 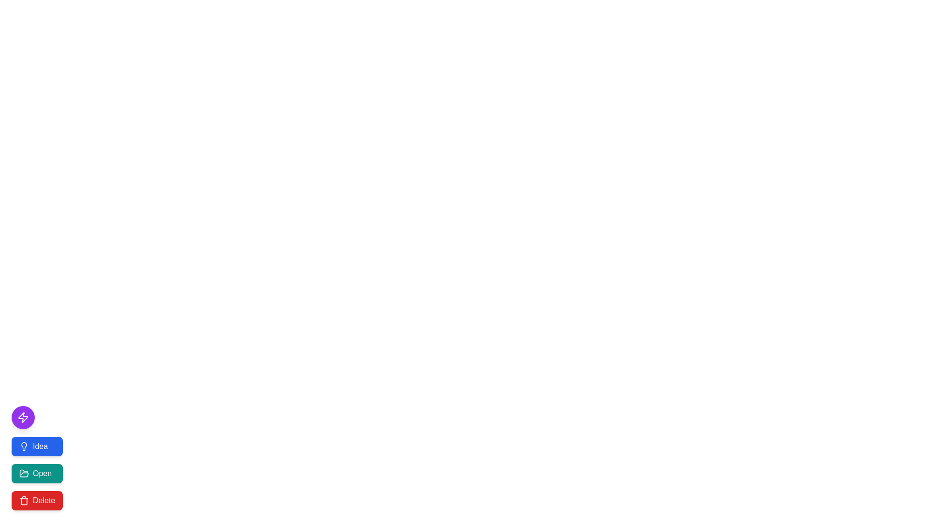 What do you see at coordinates (24, 500) in the screenshot?
I see `the delete icon located to the left of the 'Delete' text inside the red rectangular button at the bottom of the stack` at bounding box center [24, 500].